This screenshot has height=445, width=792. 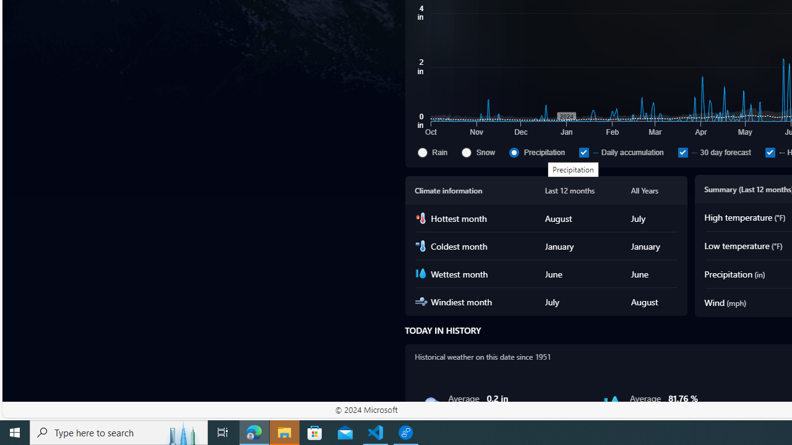 I want to click on '30 day forecast', so click(x=718, y=151).